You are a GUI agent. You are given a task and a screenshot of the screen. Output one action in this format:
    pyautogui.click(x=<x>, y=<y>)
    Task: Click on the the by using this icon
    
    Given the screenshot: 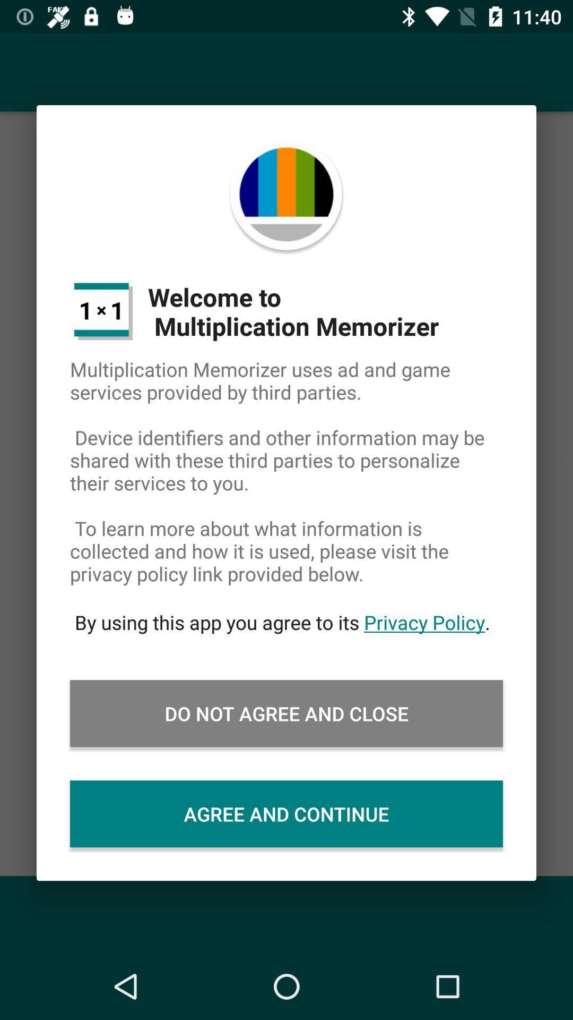 What is the action you would take?
    pyautogui.click(x=286, y=622)
    